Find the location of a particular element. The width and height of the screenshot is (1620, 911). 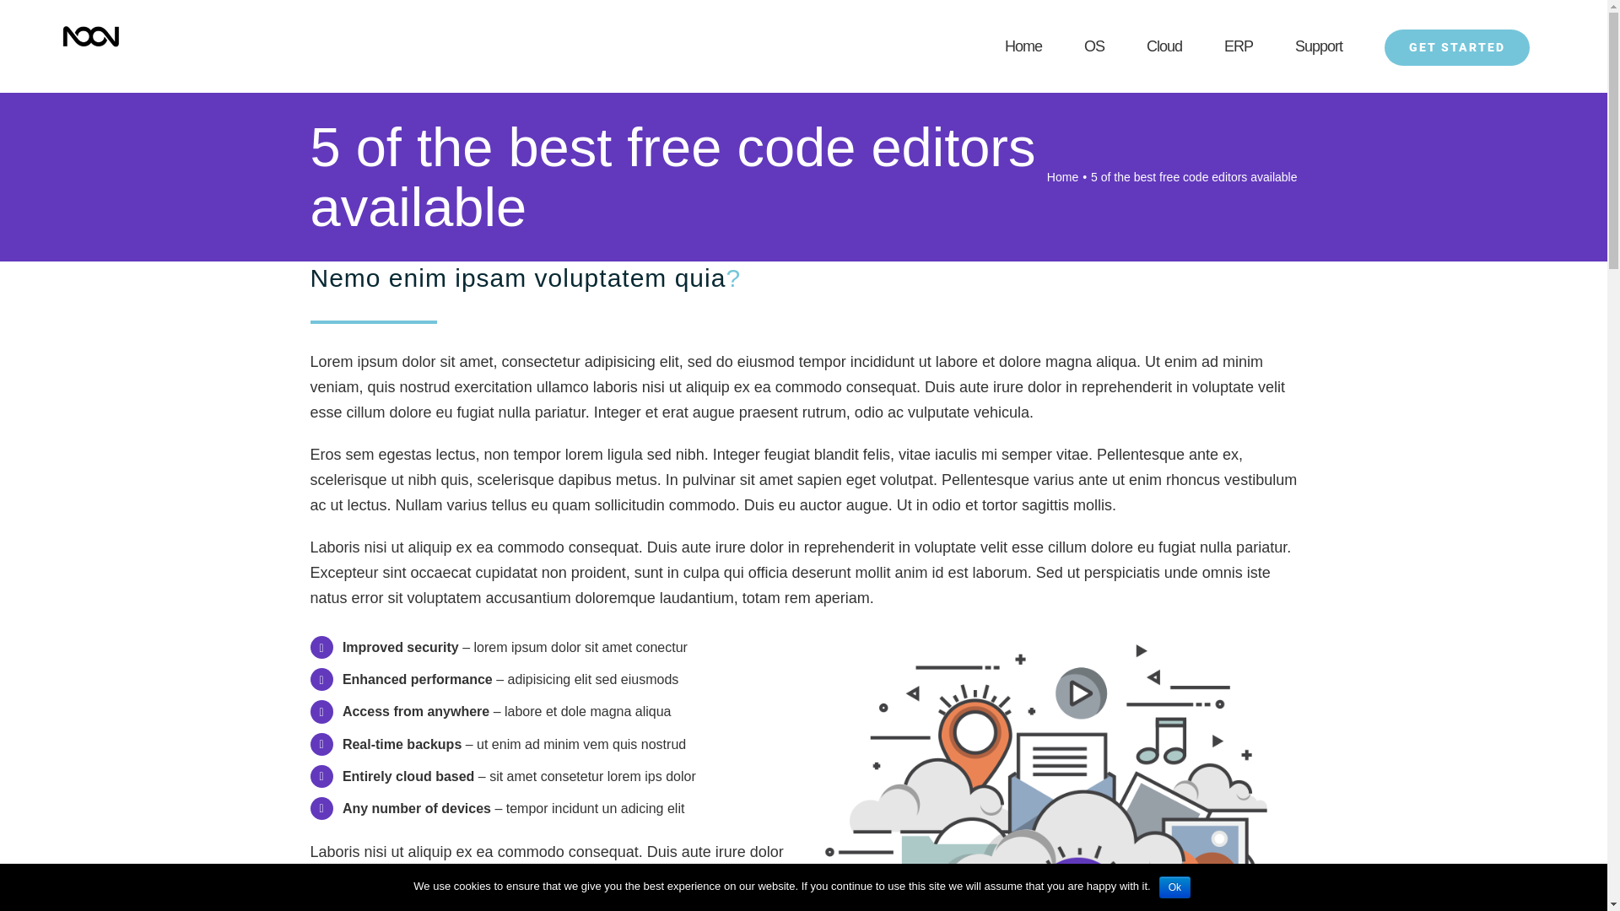

'GET STARTED' is located at coordinates (1456, 45).